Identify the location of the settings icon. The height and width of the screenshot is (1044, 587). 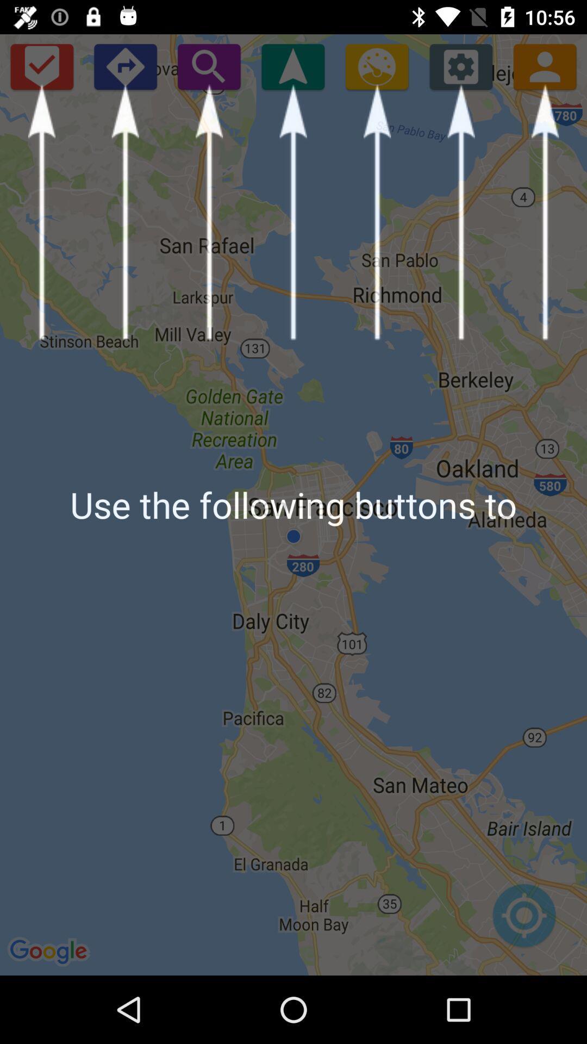
(461, 66).